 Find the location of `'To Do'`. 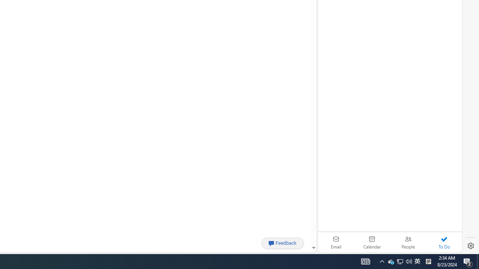

'To Do' is located at coordinates (444, 242).